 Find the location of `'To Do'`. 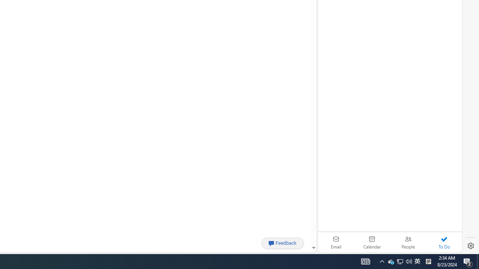

'To Do' is located at coordinates (444, 242).